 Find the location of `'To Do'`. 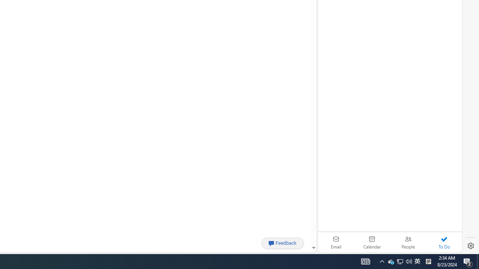

'To Do' is located at coordinates (444, 242).